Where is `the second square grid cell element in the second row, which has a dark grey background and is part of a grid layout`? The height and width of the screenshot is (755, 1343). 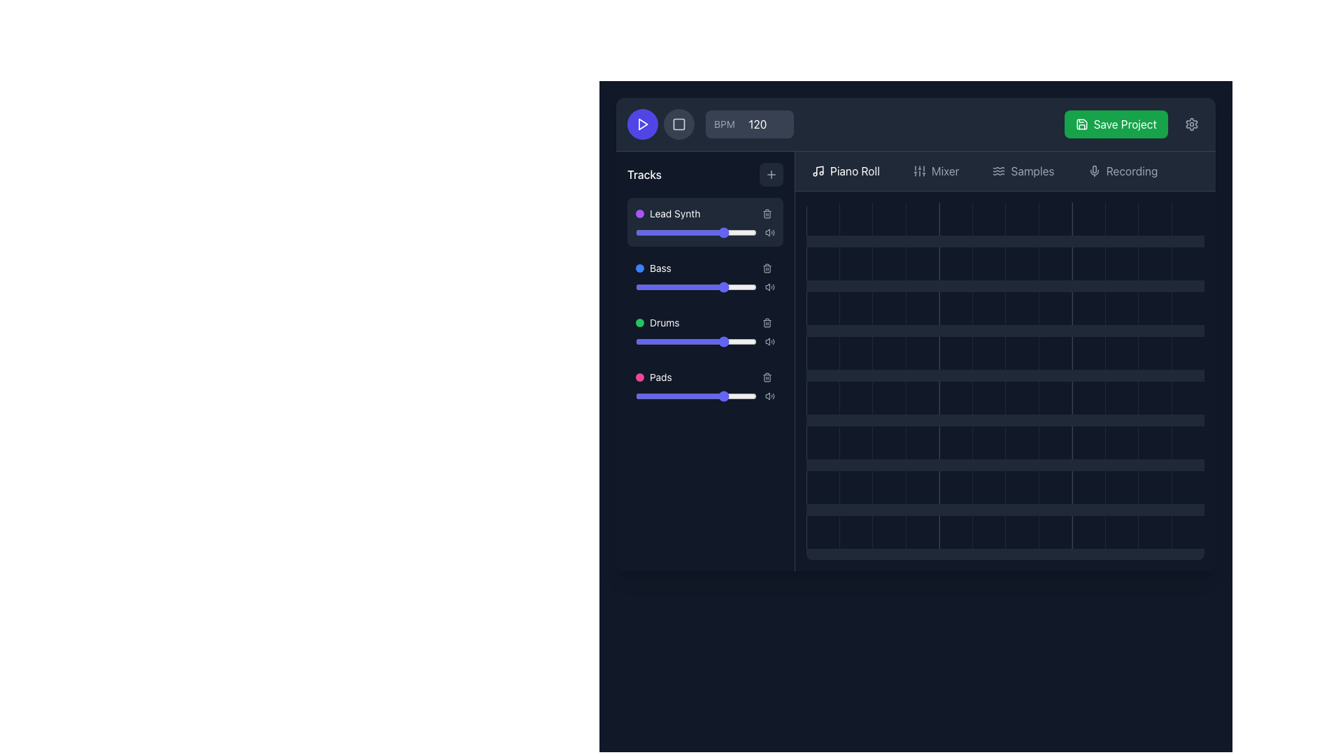
the second square grid cell element in the second row, which has a dark grey background and is part of a grid layout is located at coordinates (855, 264).